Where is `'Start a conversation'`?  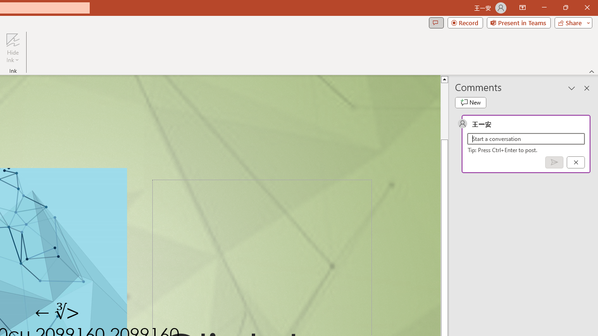 'Start a conversation' is located at coordinates (526, 139).